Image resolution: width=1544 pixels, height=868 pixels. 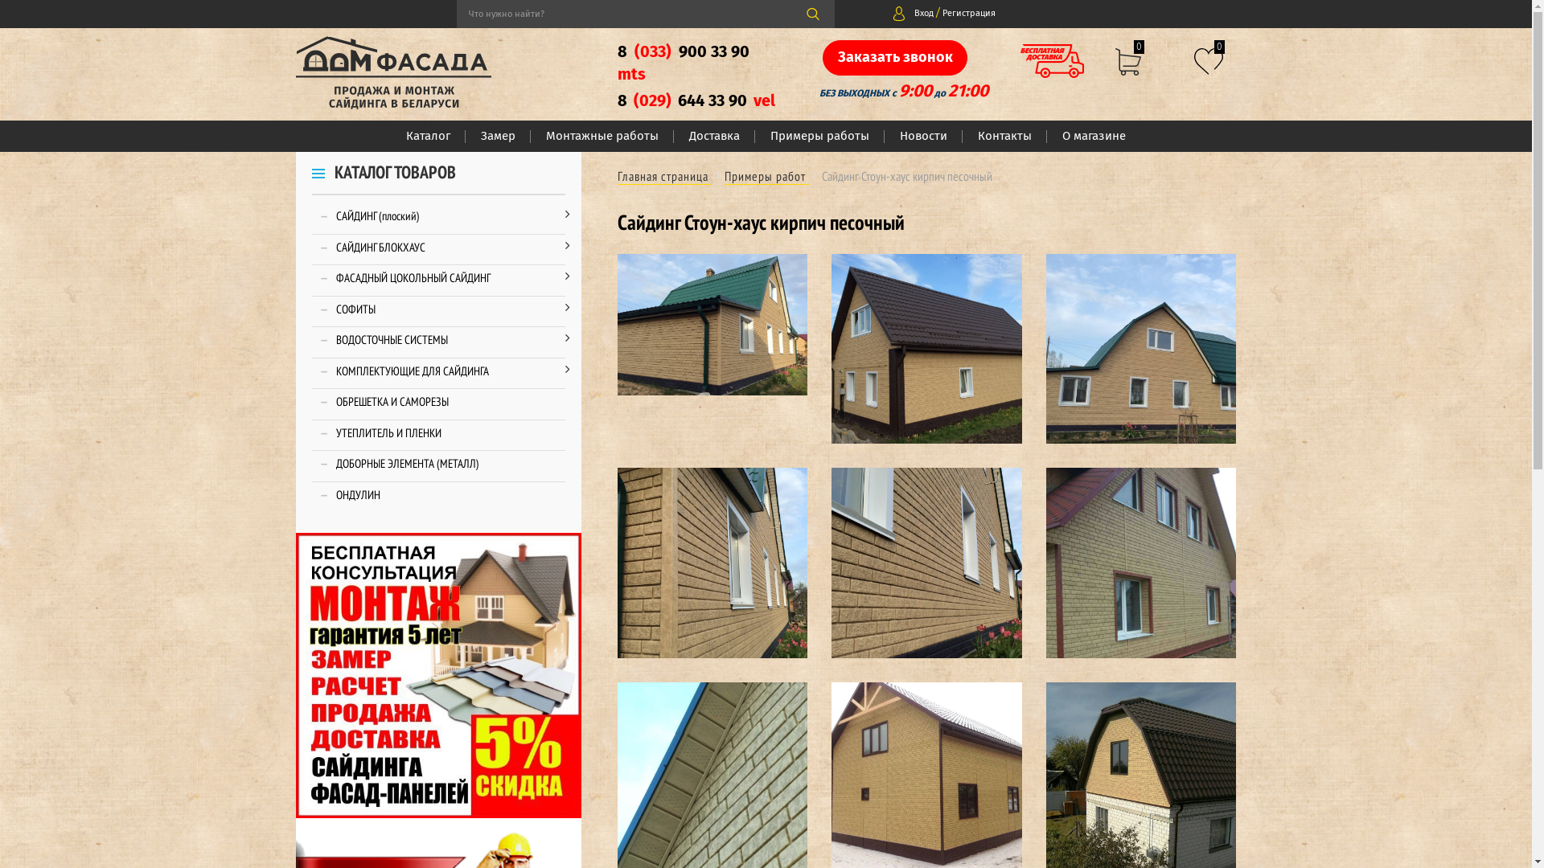 I want to click on '8  (029)  644 33 90  vel', so click(x=698, y=115).